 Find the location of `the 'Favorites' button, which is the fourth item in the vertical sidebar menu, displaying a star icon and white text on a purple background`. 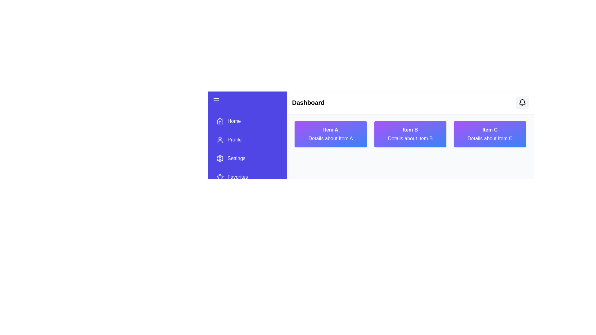

the 'Favorites' button, which is the fourth item in the vertical sidebar menu, displaying a star icon and white text on a purple background is located at coordinates (247, 177).